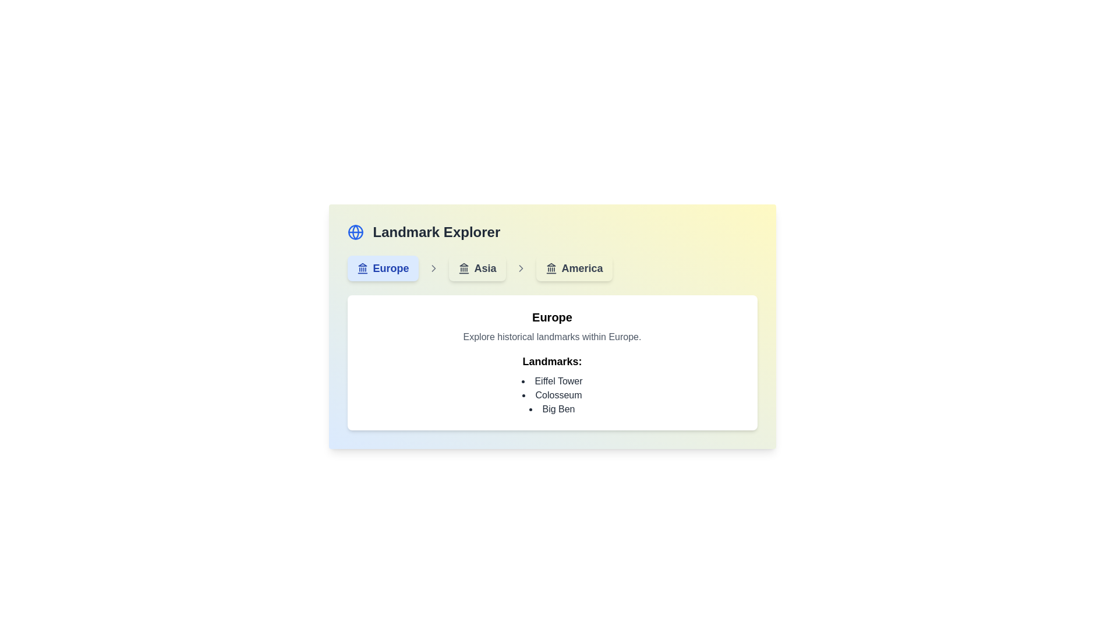 The width and height of the screenshot is (1118, 629). I want to click on text contents of the informational card that provides an overview of historical landmarks in Europe, located below the navigation buttons labeled 'Europe', 'Asia', and 'America', so click(551, 362).